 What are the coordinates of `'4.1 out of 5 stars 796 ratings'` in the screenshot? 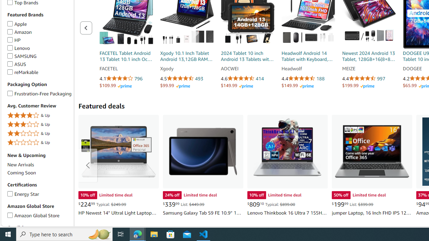 It's located at (126, 78).